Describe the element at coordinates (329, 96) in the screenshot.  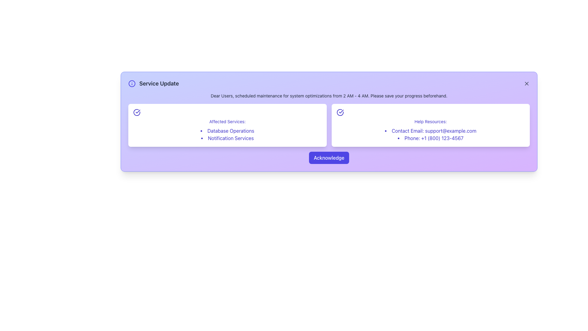
I see `the single-line text block conveying a message about scheduled maintenance, which is located within the notification card below the title 'Service Update'` at that location.